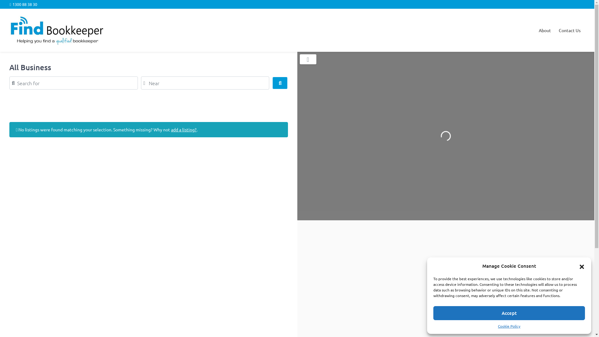 The width and height of the screenshot is (599, 337). Describe the element at coordinates (183, 129) in the screenshot. I see `'add a listing?'` at that location.